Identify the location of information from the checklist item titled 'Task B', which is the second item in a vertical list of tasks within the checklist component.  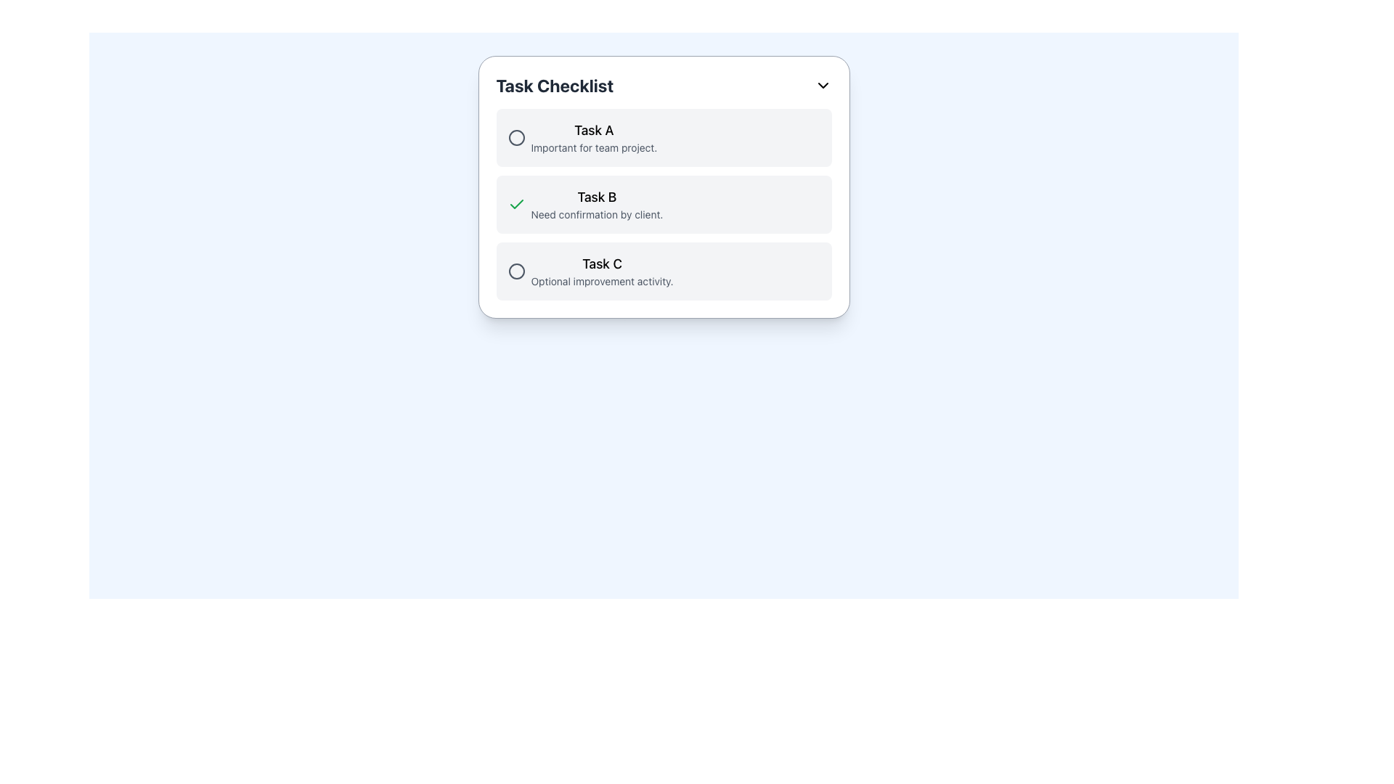
(663, 204).